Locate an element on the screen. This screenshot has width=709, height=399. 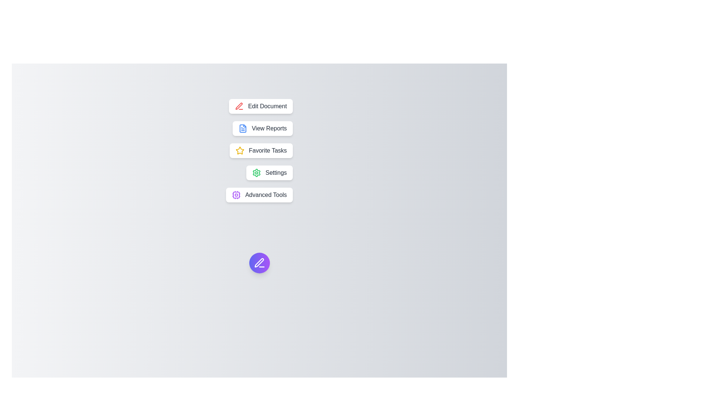
the 'Settings' button to select it is located at coordinates (269, 173).